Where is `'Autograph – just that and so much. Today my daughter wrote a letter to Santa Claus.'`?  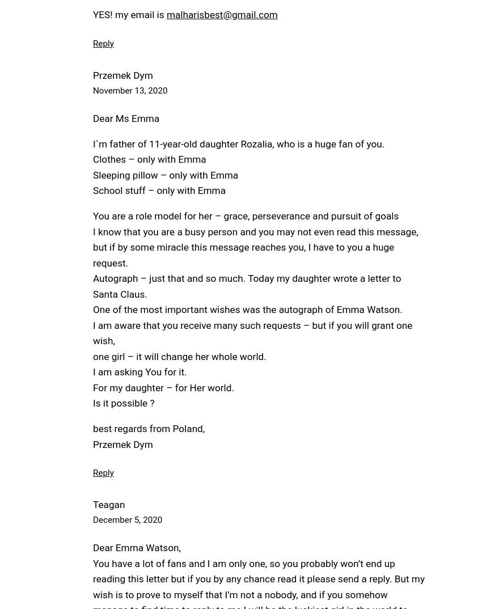 'Autograph – just that and so much. Today my daughter wrote a letter to Santa Claus.' is located at coordinates (246, 286).